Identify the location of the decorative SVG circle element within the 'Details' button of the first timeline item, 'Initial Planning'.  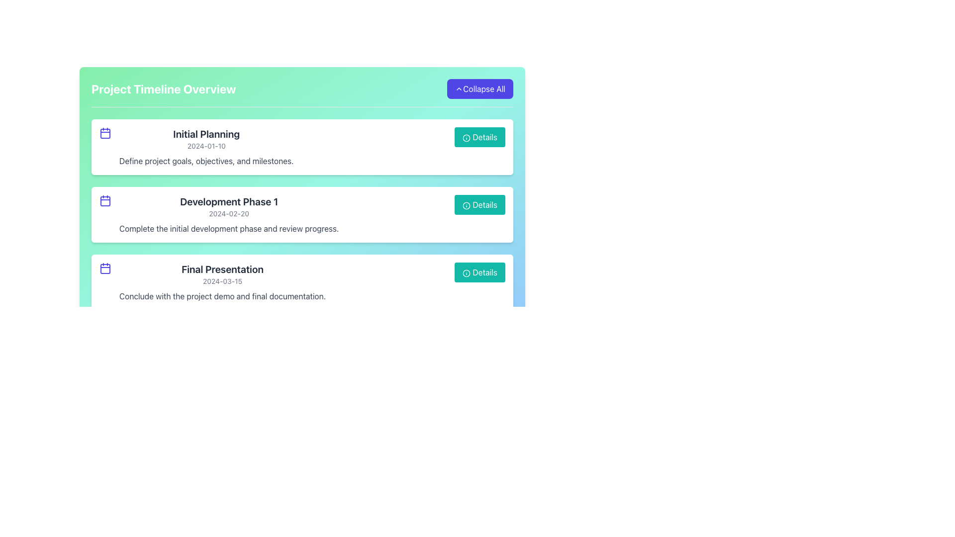
(466, 138).